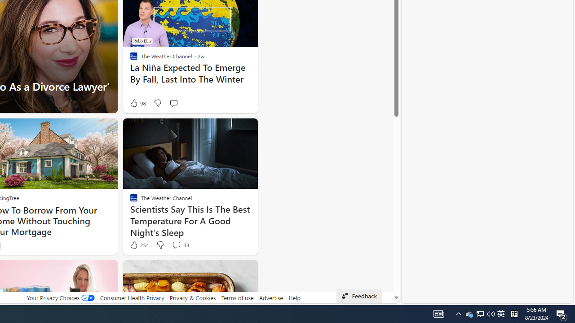  I want to click on 'Consumer Health Privacy', so click(131, 297).